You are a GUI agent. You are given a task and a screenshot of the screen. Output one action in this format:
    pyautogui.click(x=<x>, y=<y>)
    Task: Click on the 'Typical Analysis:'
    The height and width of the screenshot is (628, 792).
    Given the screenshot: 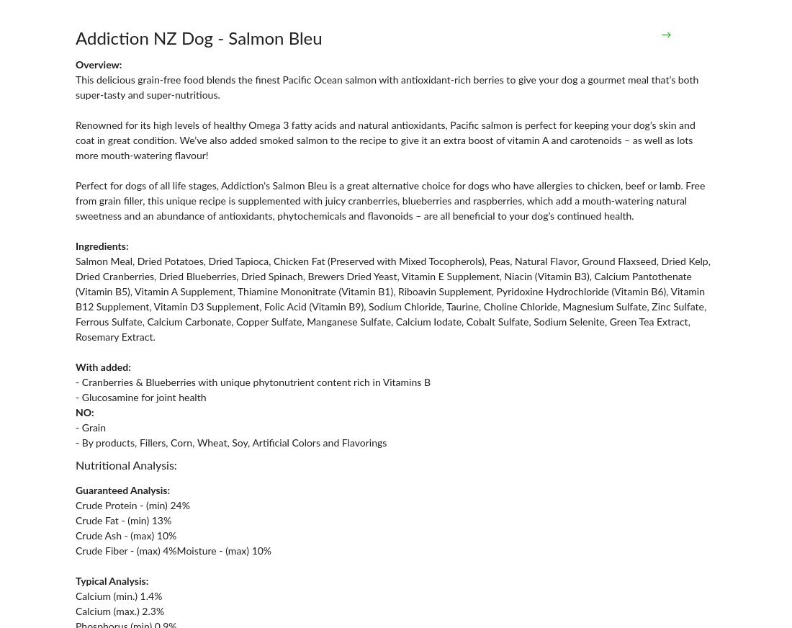 What is the action you would take?
    pyautogui.click(x=76, y=581)
    